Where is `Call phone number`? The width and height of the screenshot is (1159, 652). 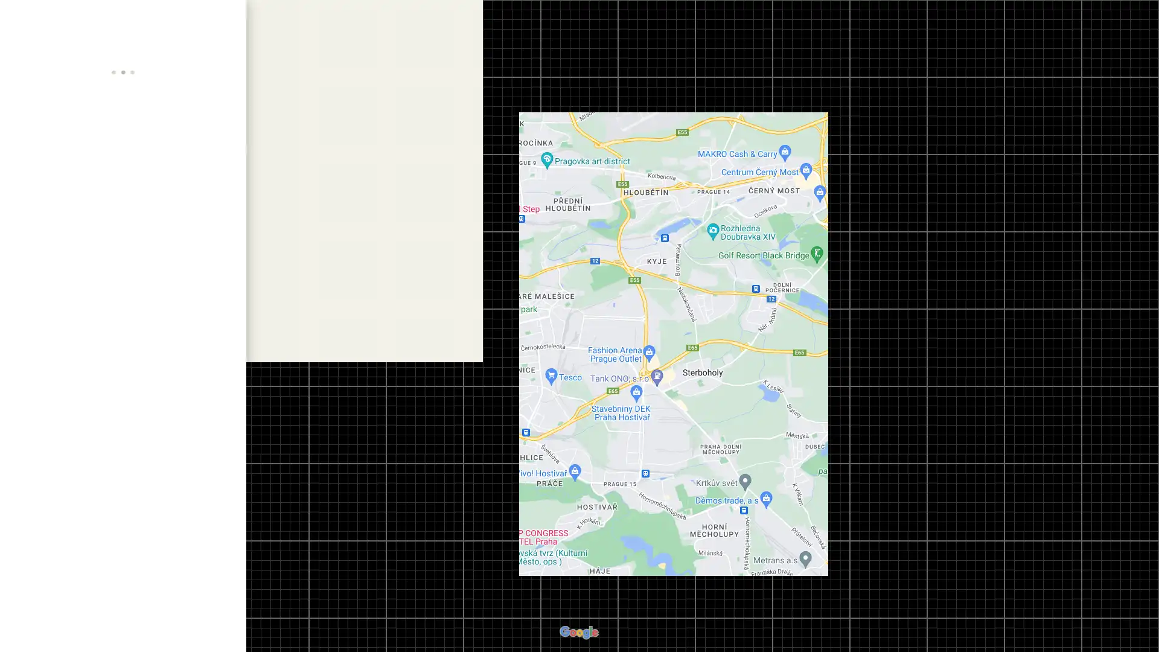
Call phone number is located at coordinates (226, 351).